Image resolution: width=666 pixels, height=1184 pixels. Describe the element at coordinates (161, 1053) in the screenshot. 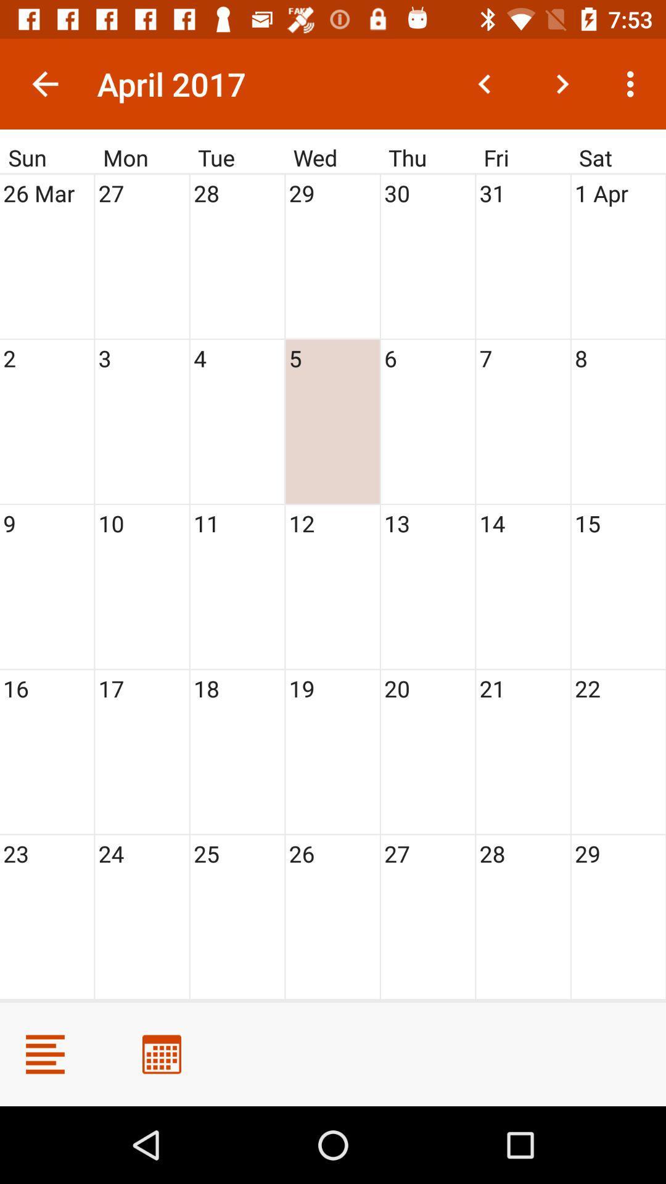

I see `the date_range icon` at that location.